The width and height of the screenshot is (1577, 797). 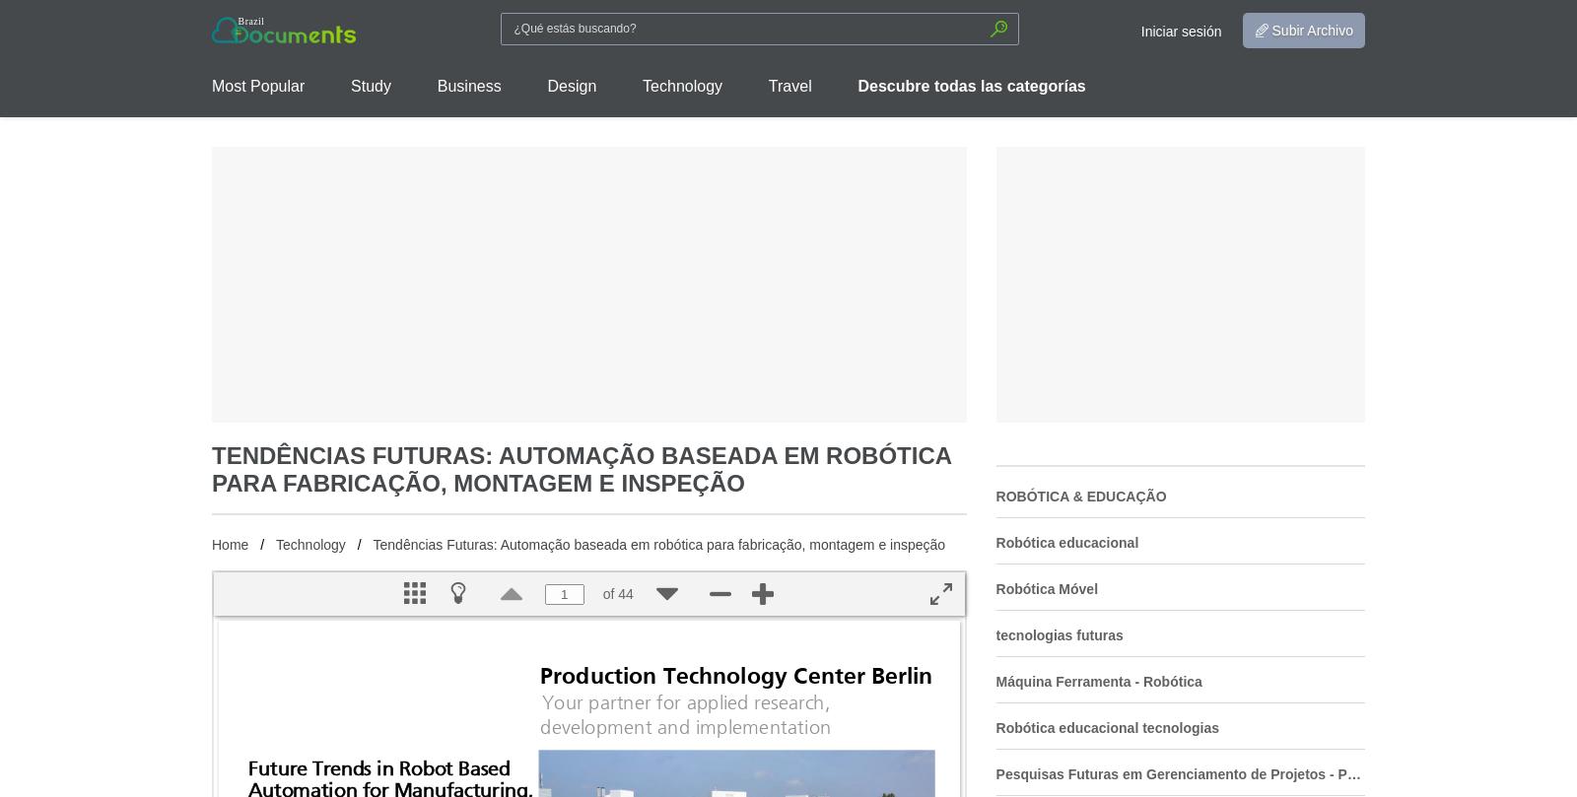 What do you see at coordinates (1080, 496) in the screenshot?
I see `'ROBÓTICA & EDUCAÇÃO'` at bounding box center [1080, 496].